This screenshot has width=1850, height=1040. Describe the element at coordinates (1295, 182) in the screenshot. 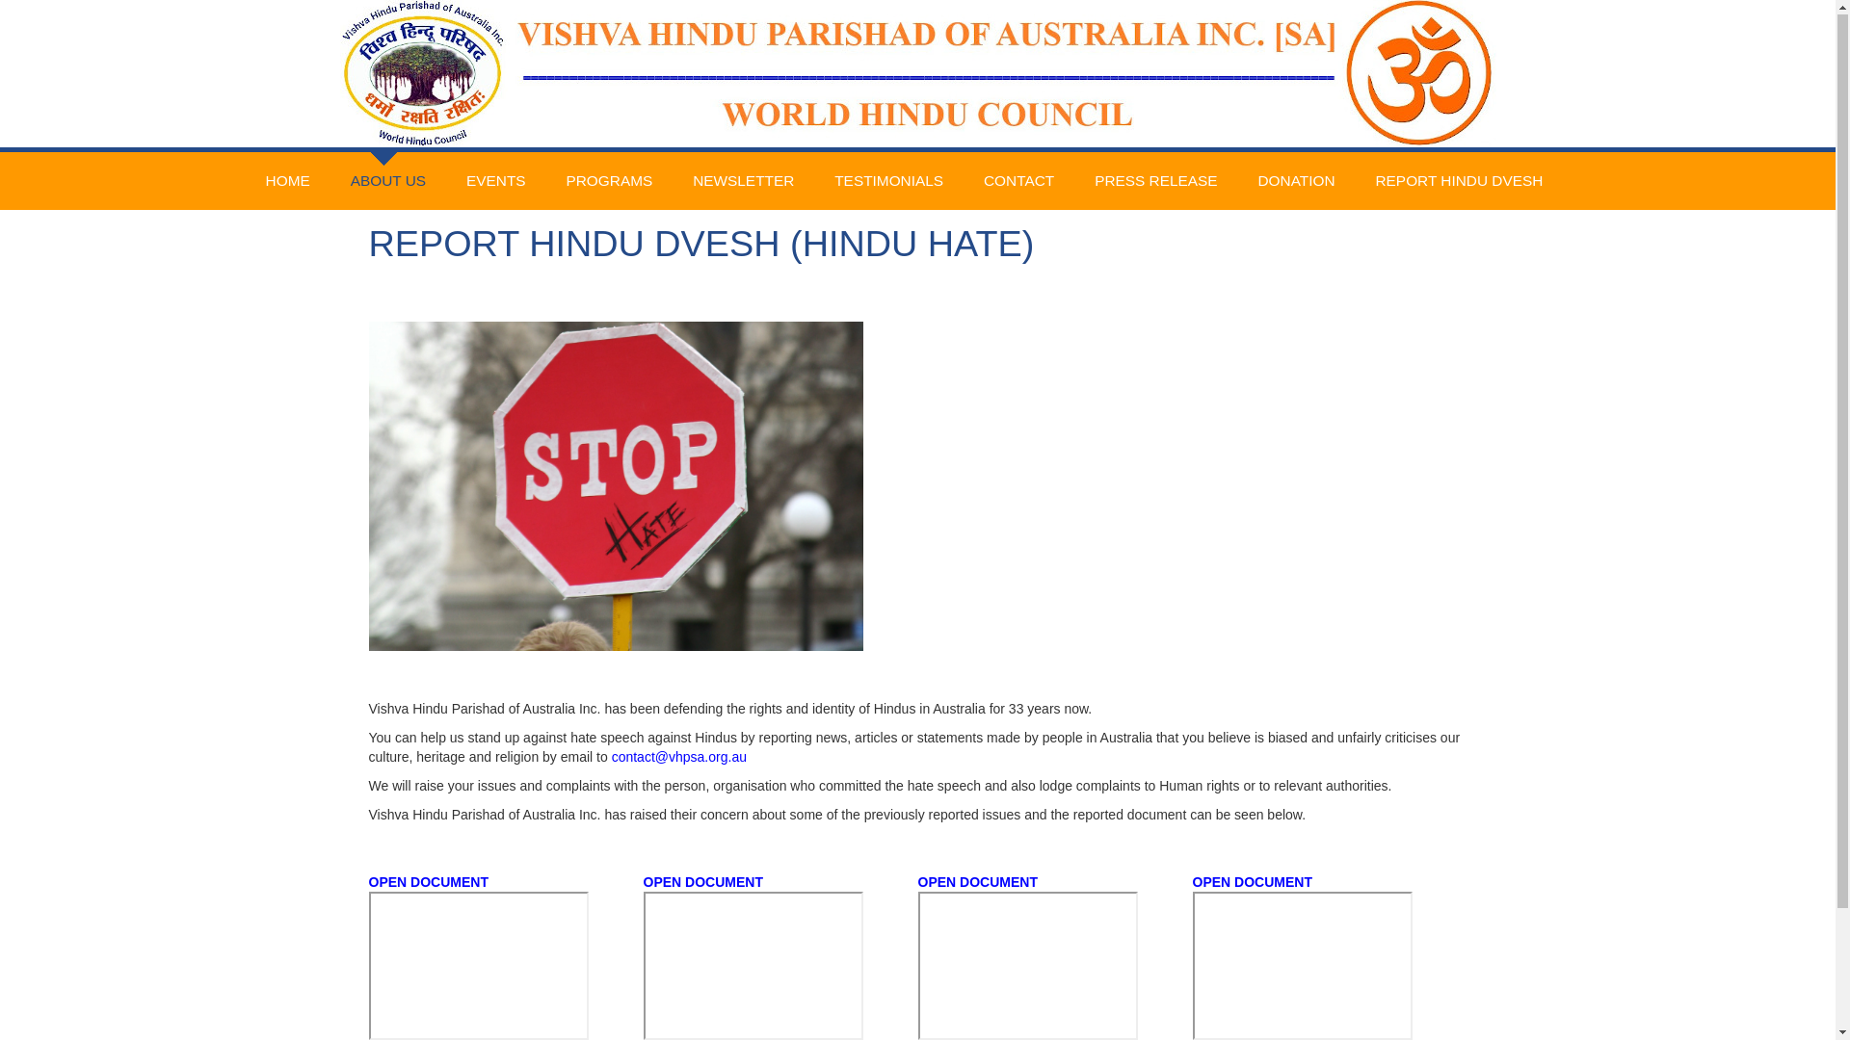

I see `'DONATION'` at that location.